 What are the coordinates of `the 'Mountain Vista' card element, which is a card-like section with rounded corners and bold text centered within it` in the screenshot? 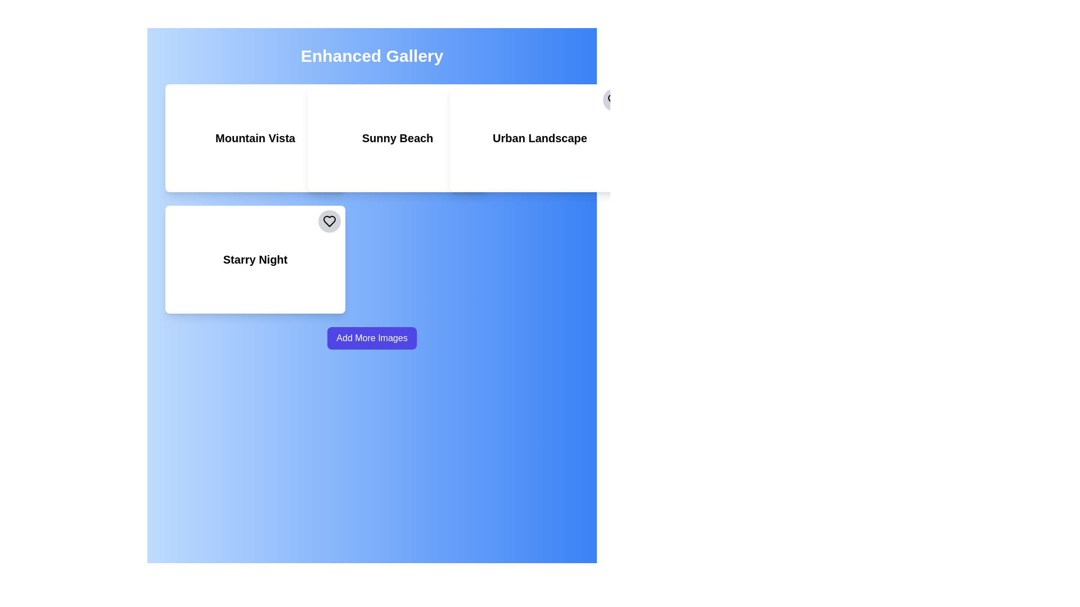 It's located at (255, 138).